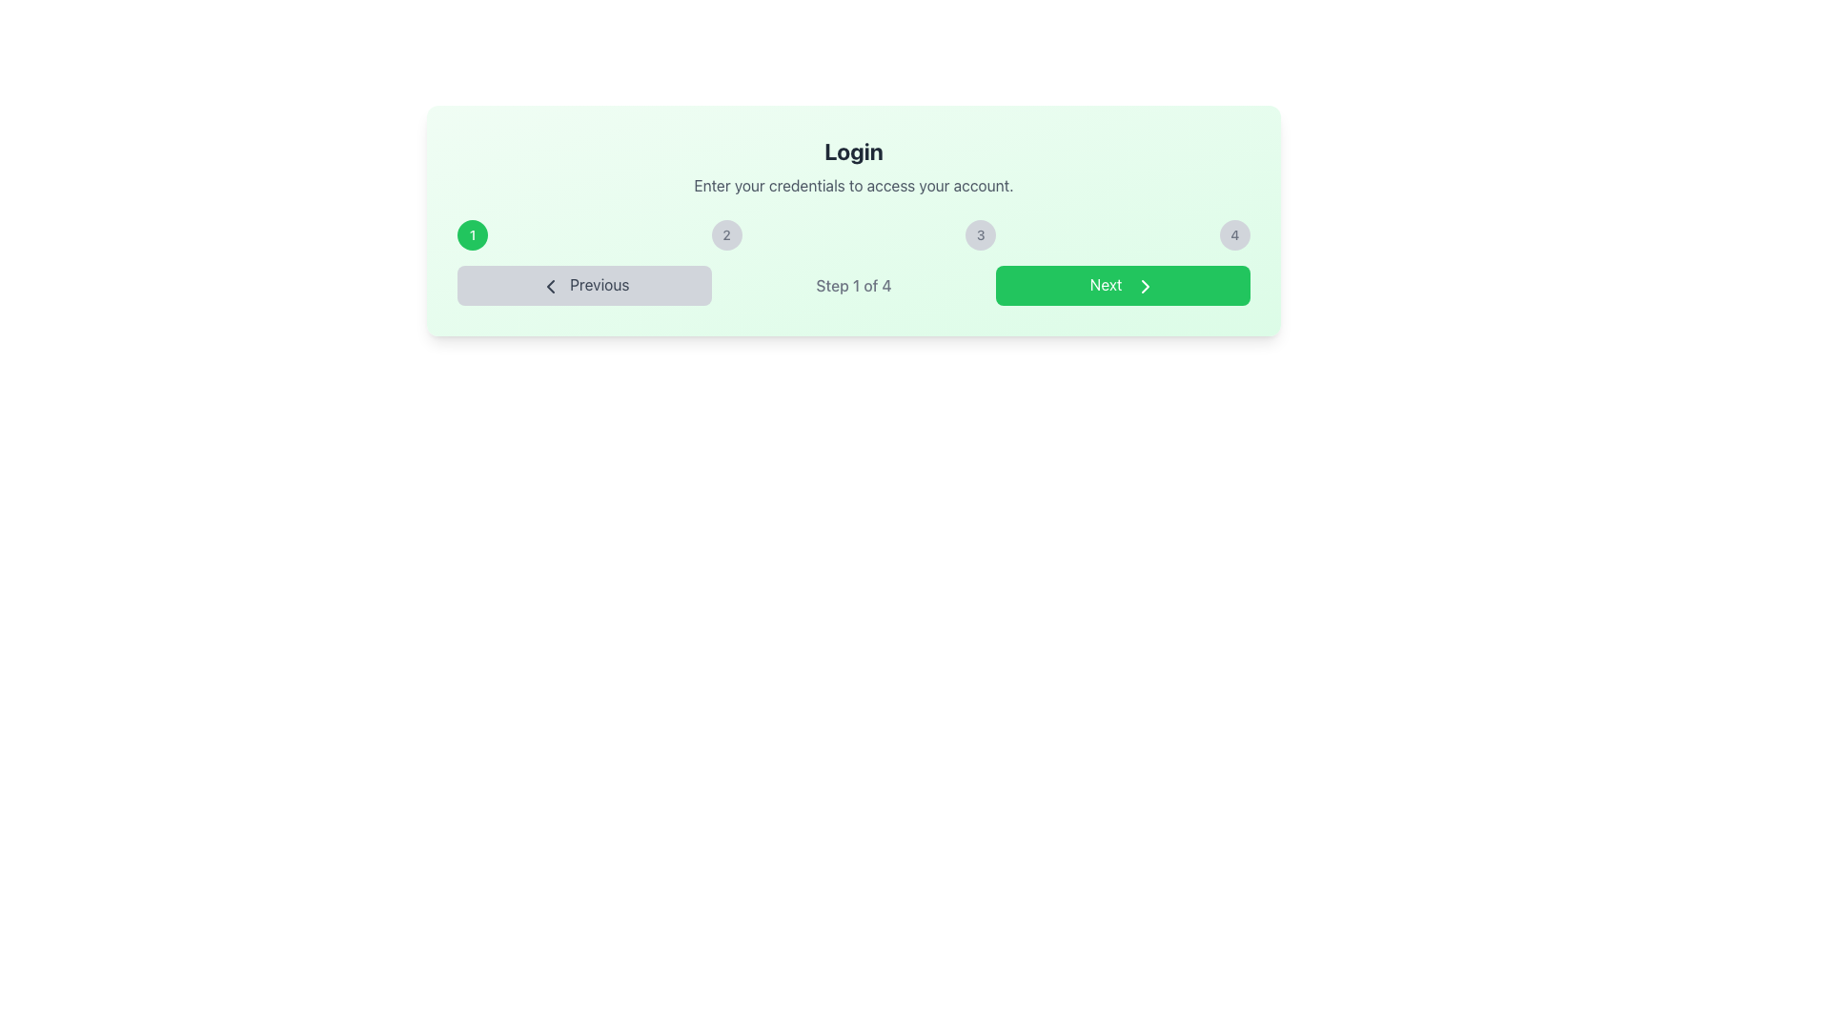  What do you see at coordinates (725, 233) in the screenshot?
I see `the second step indicator button in the multi-step process, positioned horizontally between the buttons labeled '1' and '3'` at bounding box center [725, 233].